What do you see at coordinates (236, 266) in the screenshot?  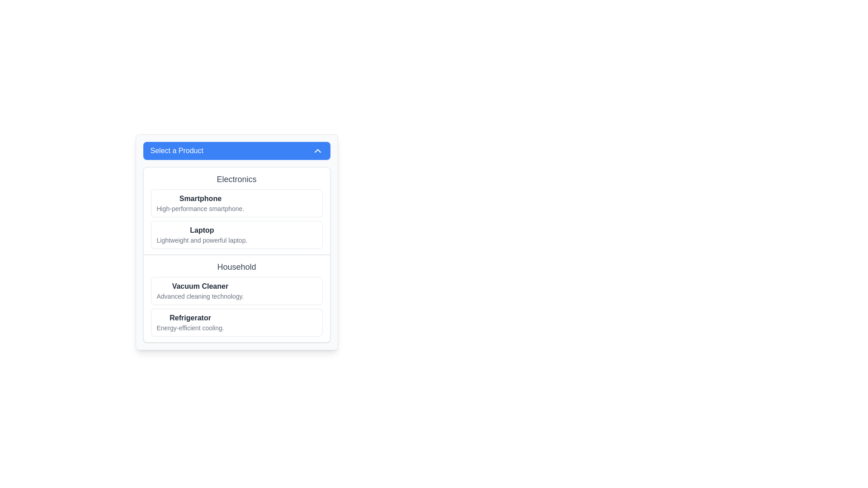 I see `the text label 'Household' which is a bold gray-colored header positioned centrally in the interface, above other options like 'Vacuum Cleaner' and 'Refrigerator'` at bounding box center [236, 266].